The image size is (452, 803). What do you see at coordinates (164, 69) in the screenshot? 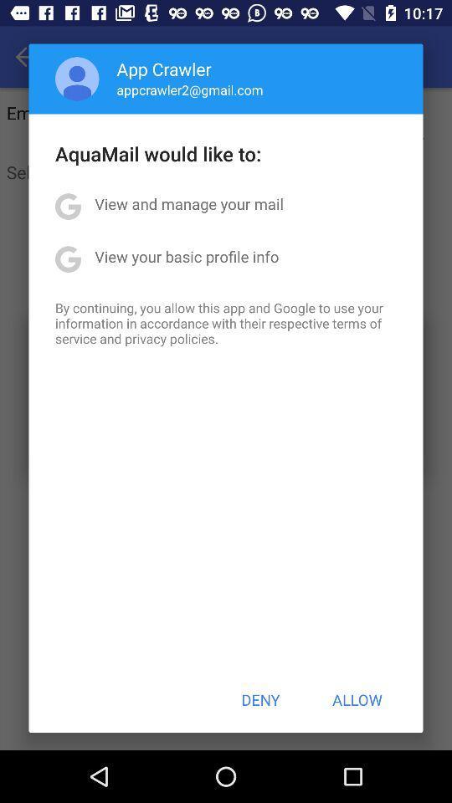
I see `app above appcrawler2@gmail.com` at bounding box center [164, 69].